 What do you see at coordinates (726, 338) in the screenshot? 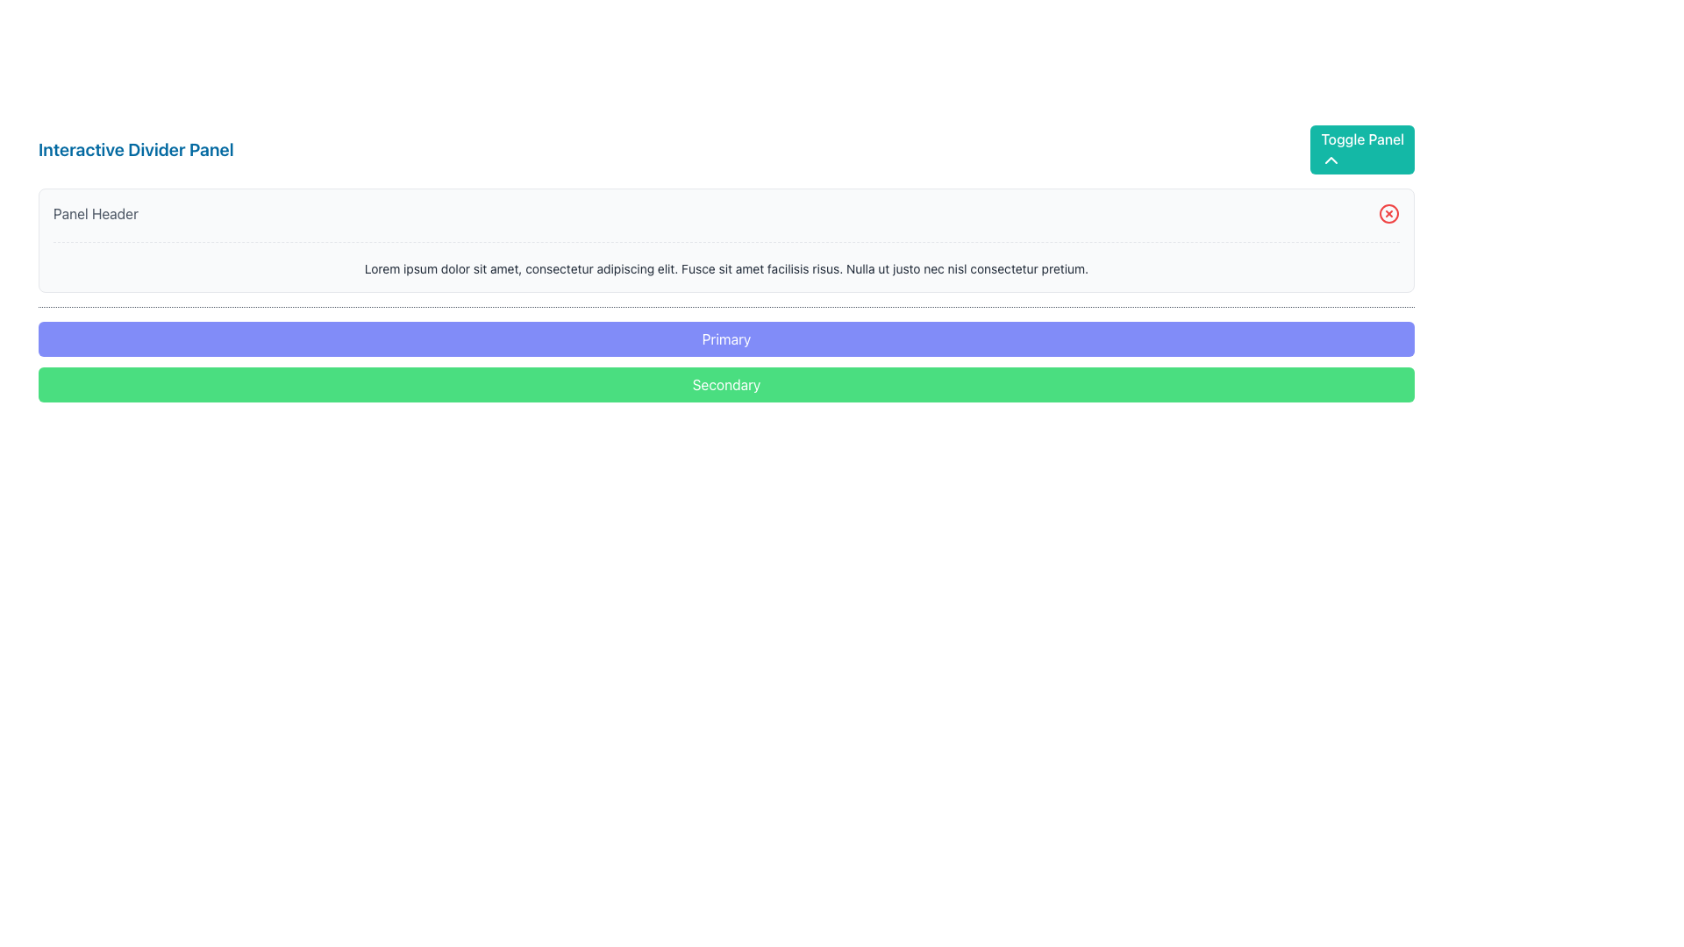
I see `the primary action button located at the bottom section of the interface` at bounding box center [726, 338].